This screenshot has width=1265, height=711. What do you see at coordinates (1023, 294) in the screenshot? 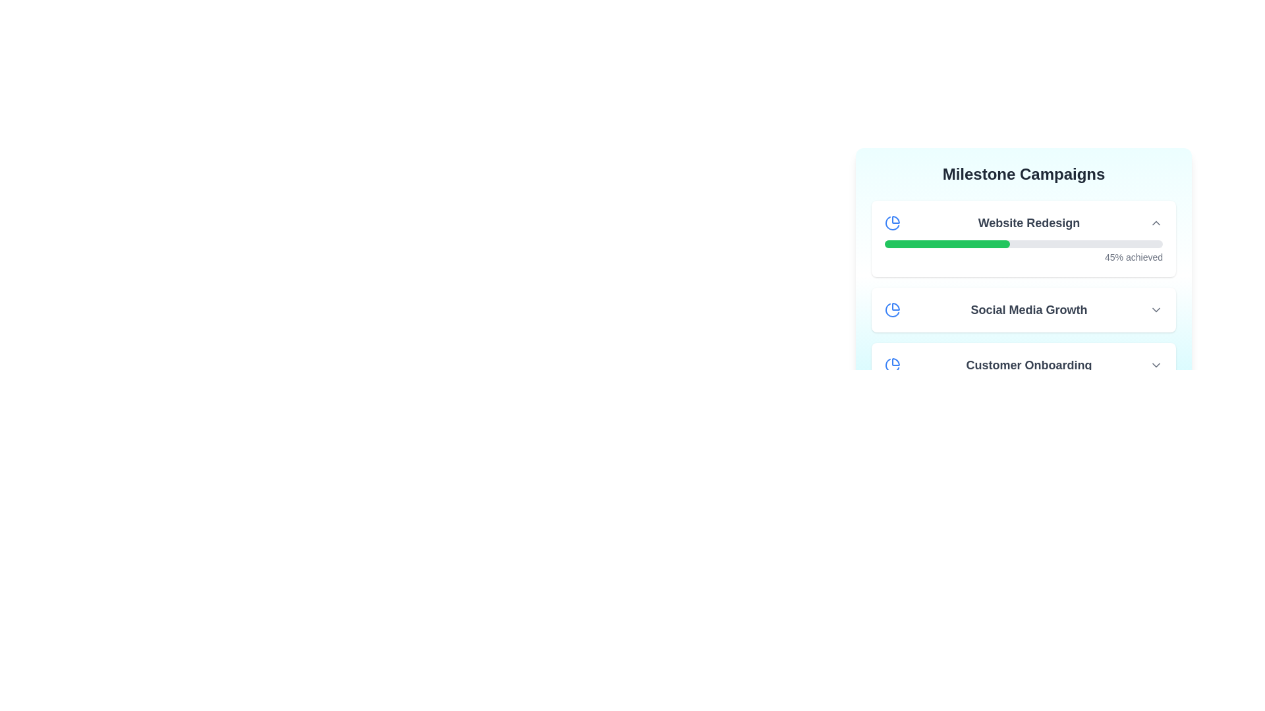
I see `the list item labeled 'Social Media Growth' which is the second item in the 'Milestone Campaigns' list` at bounding box center [1023, 294].